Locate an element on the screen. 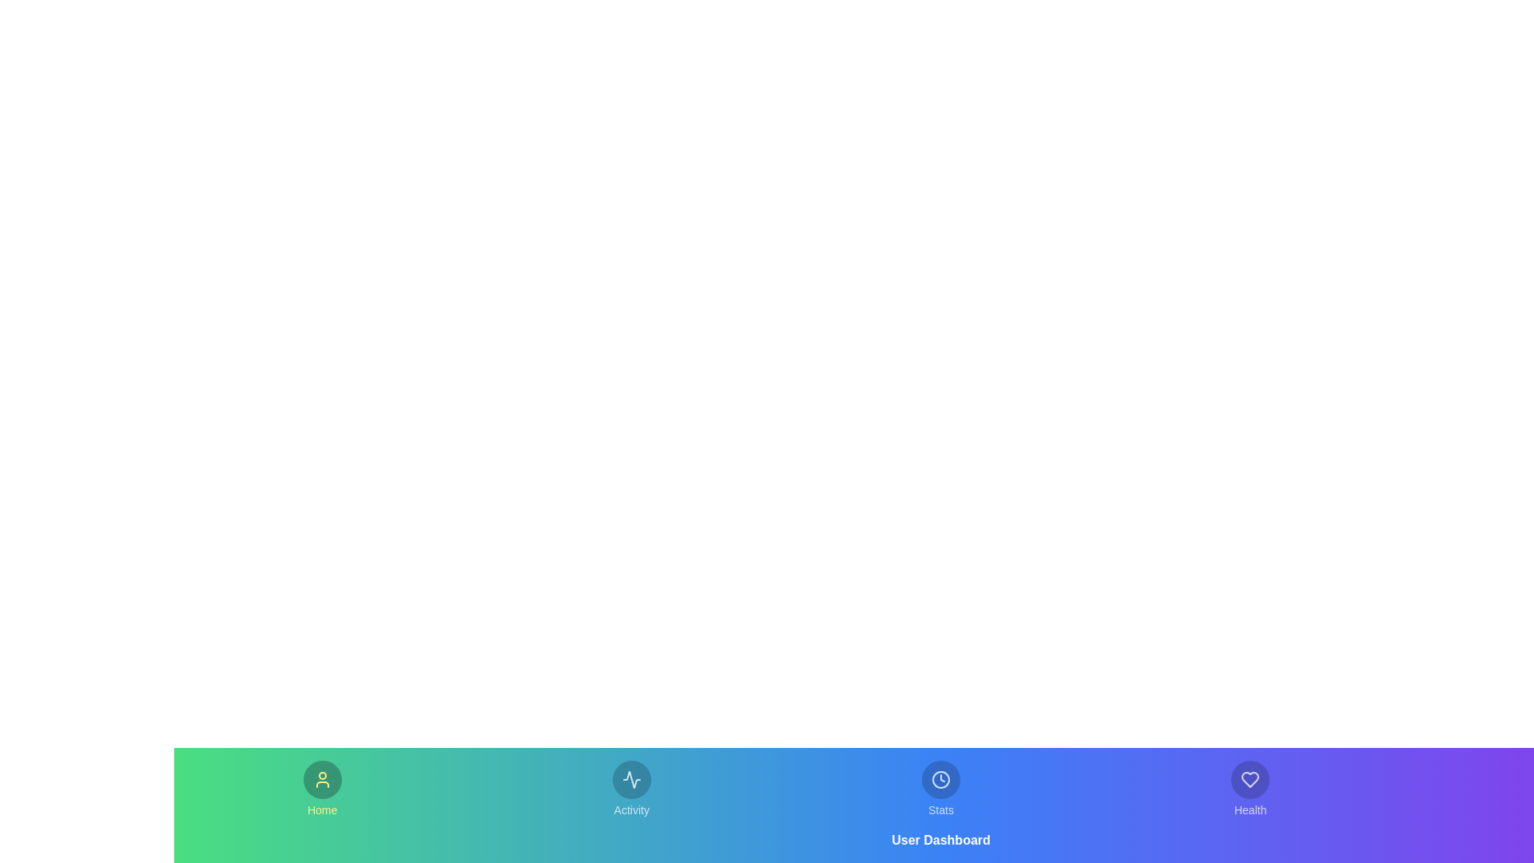 Image resolution: width=1534 pixels, height=863 pixels. the tab labeled Stats to observe its hover effect is located at coordinates (940, 788).